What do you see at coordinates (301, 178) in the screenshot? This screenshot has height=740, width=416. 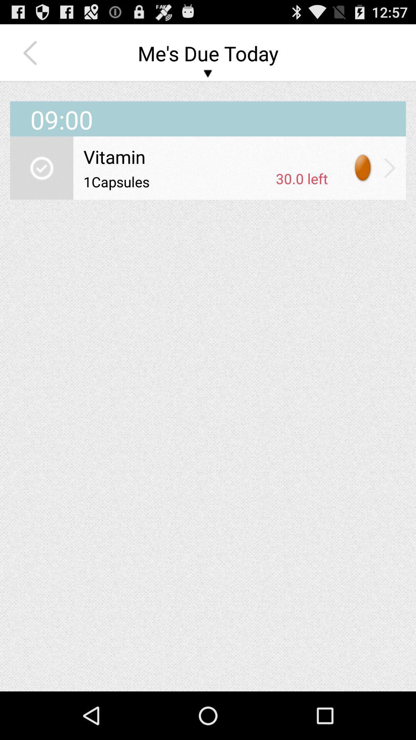 I see `icon below vitamin icon` at bounding box center [301, 178].